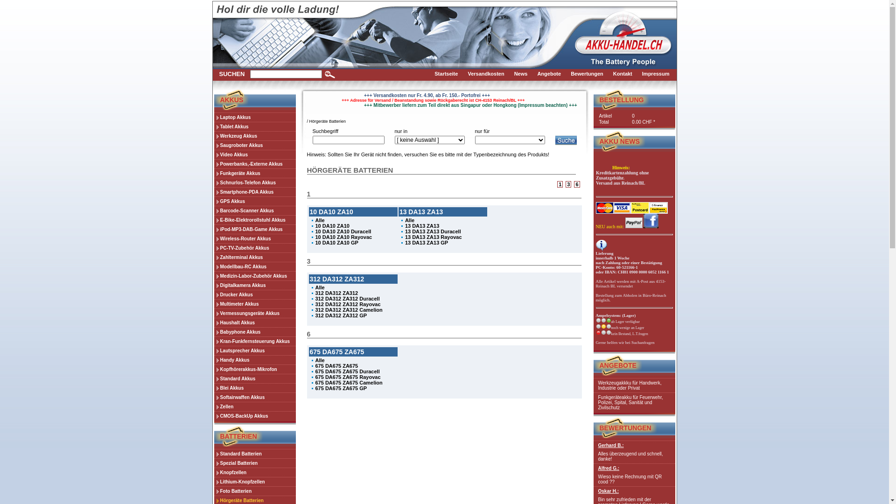 This screenshot has width=896, height=504. I want to click on '675 DA675 ZA675', so click(336, 365).